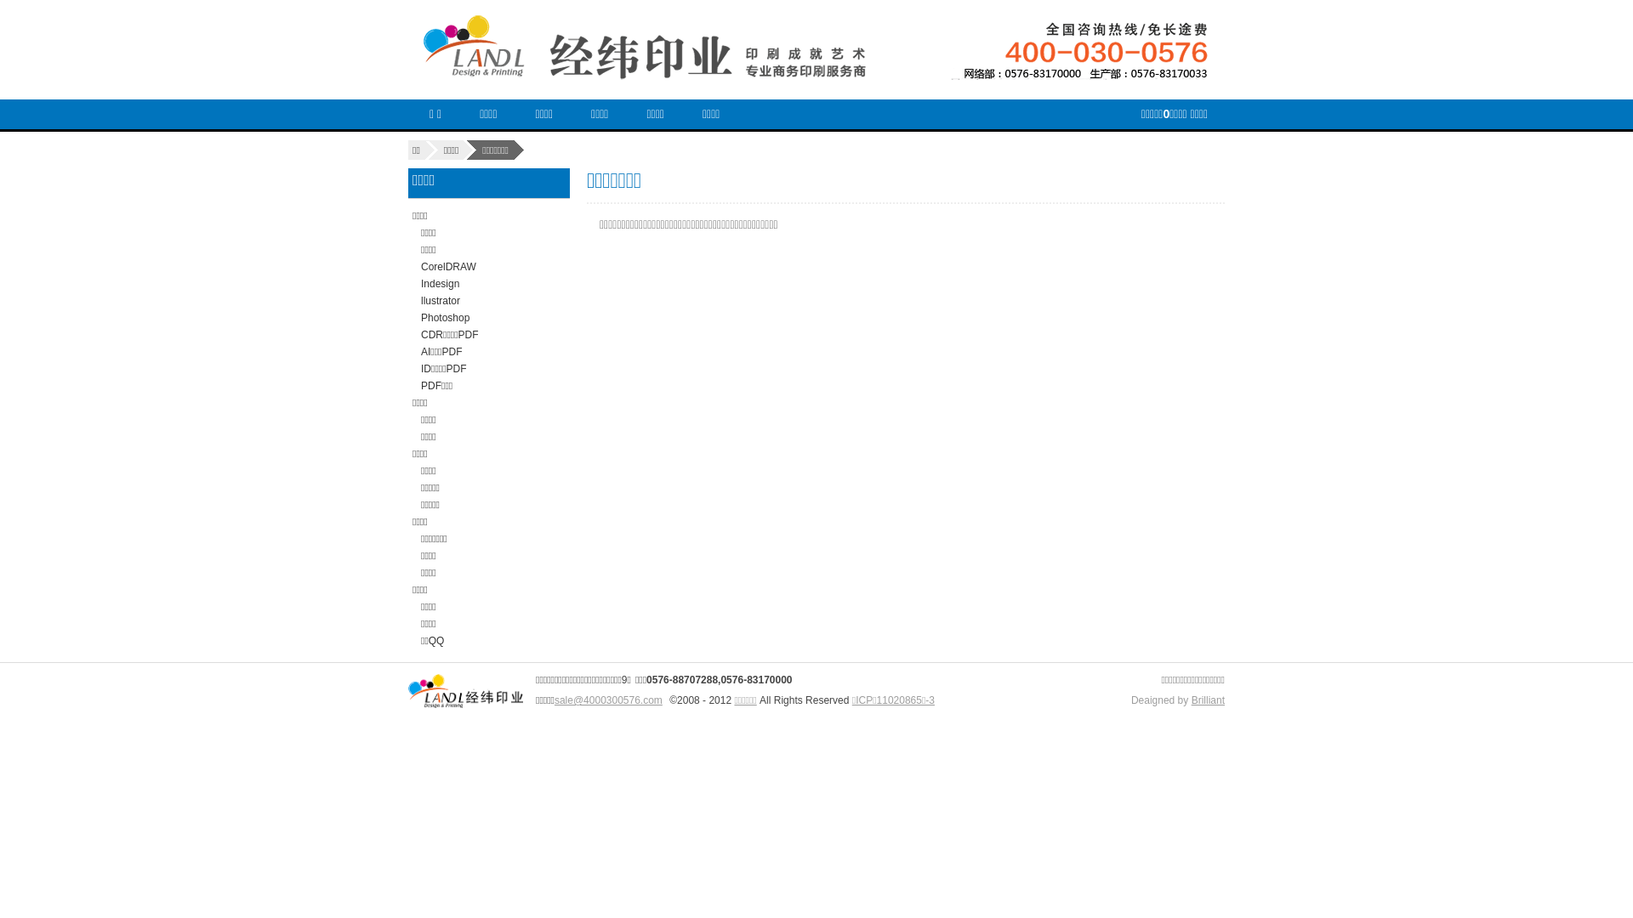 The height and width of the screenshot is (918, 1633). Describe the element at coordinates (441, 300) in the screenshot. I see `'llustrator'` at that location.